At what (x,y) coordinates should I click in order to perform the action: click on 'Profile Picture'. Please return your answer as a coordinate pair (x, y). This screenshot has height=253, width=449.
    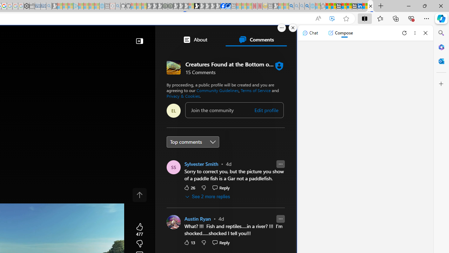
    Looking at the image, I should click on (173, 222).